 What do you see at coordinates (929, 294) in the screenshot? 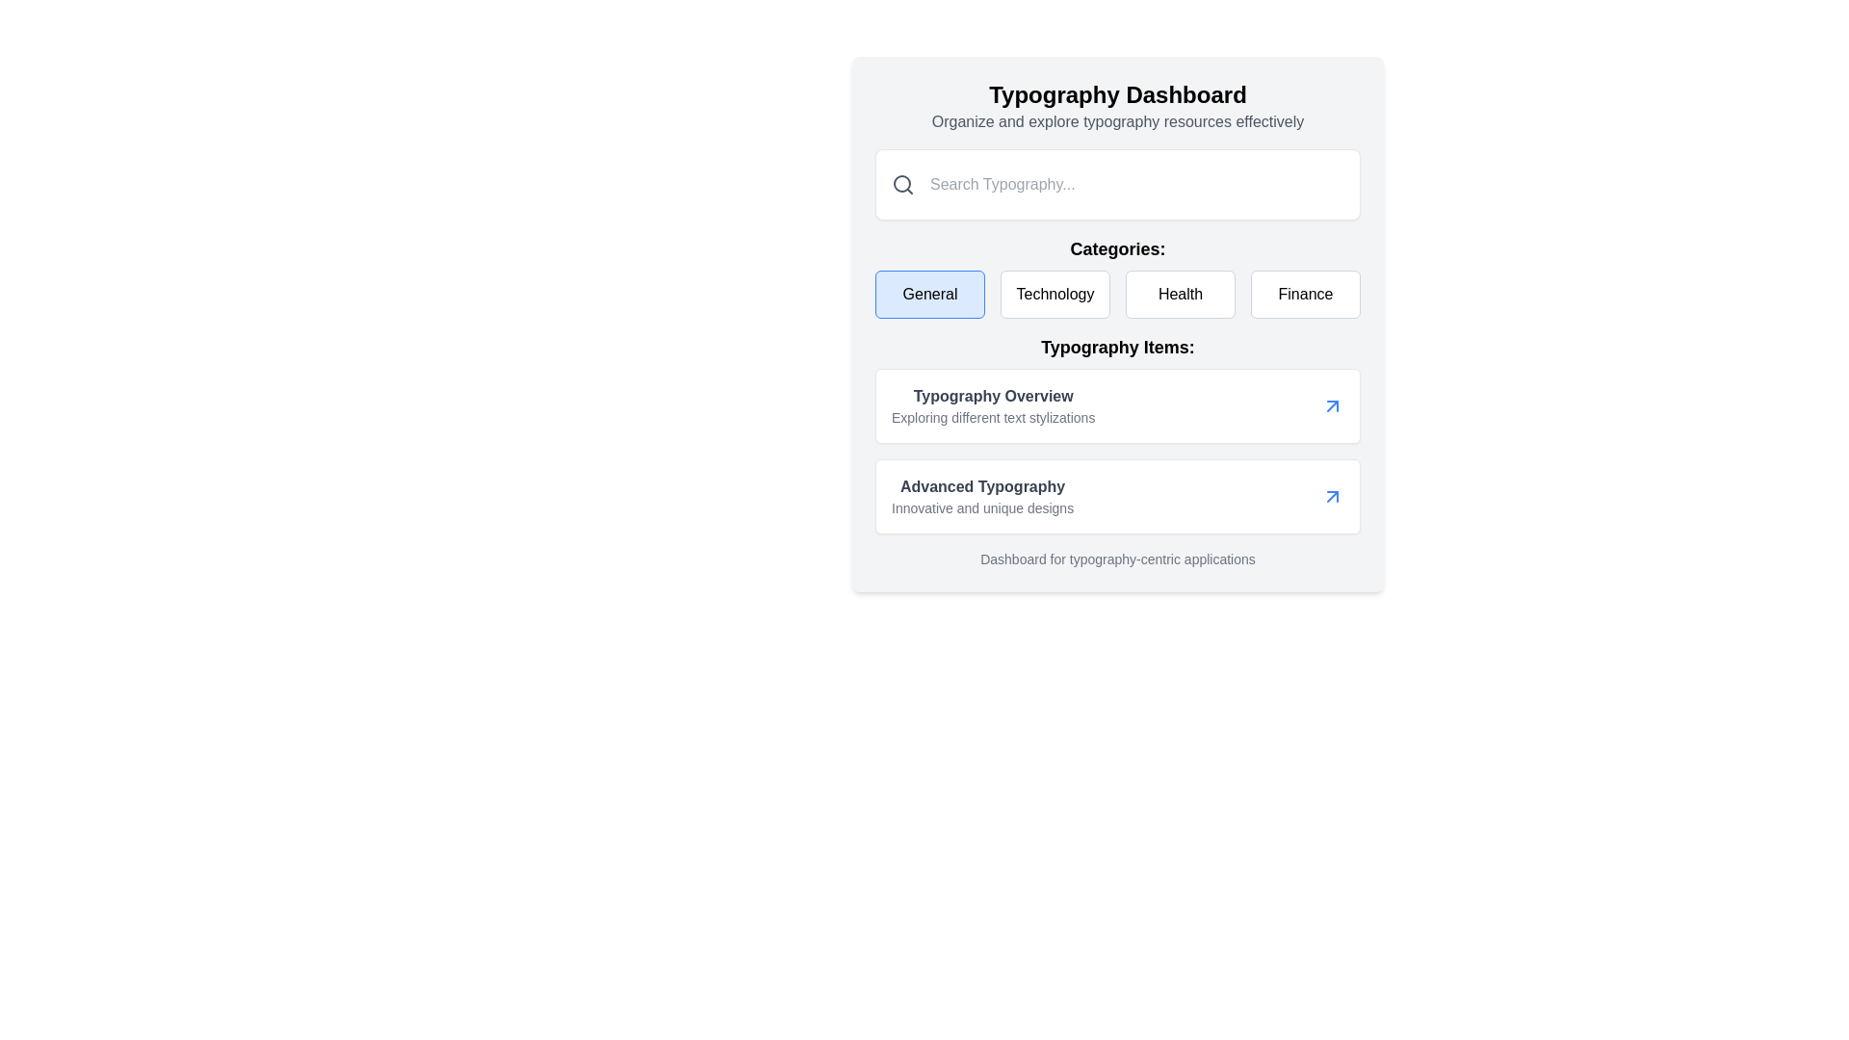
I see `the first category button labeled 'General' under the 'Categories' heading` at bounding box center [929, 294].